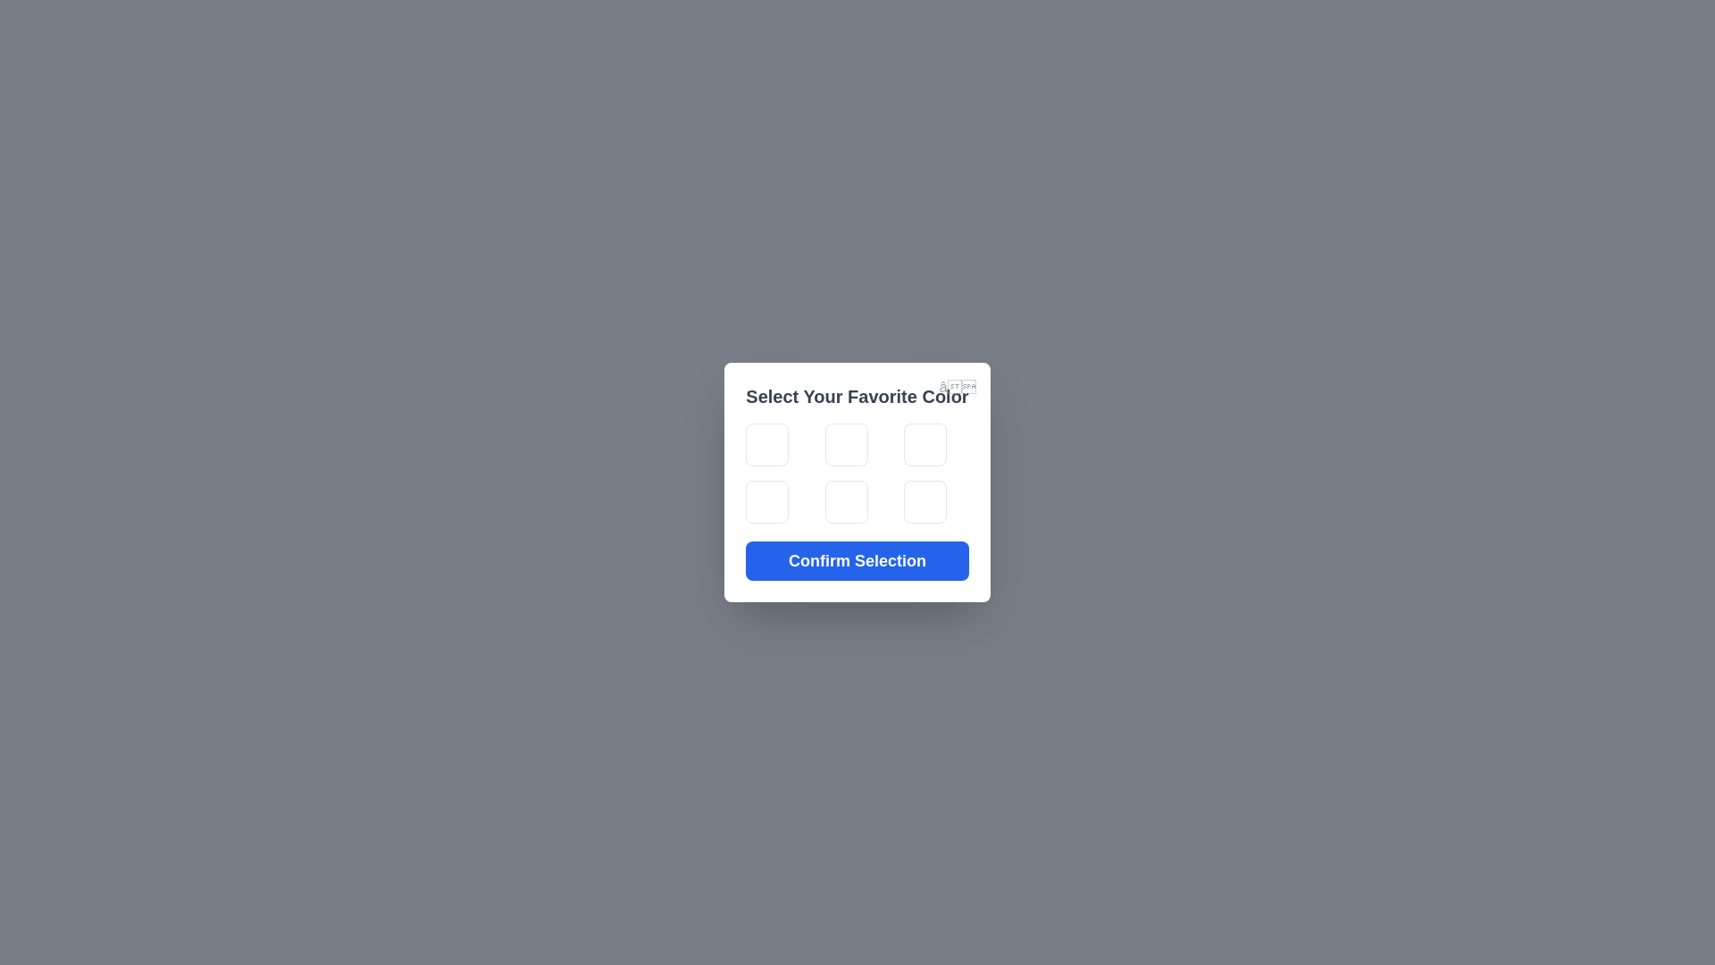  What do you see at coordinates (925, 443) in the screenshot?
I see `the color tile corresponding to green` at bounding box center [925, 443].